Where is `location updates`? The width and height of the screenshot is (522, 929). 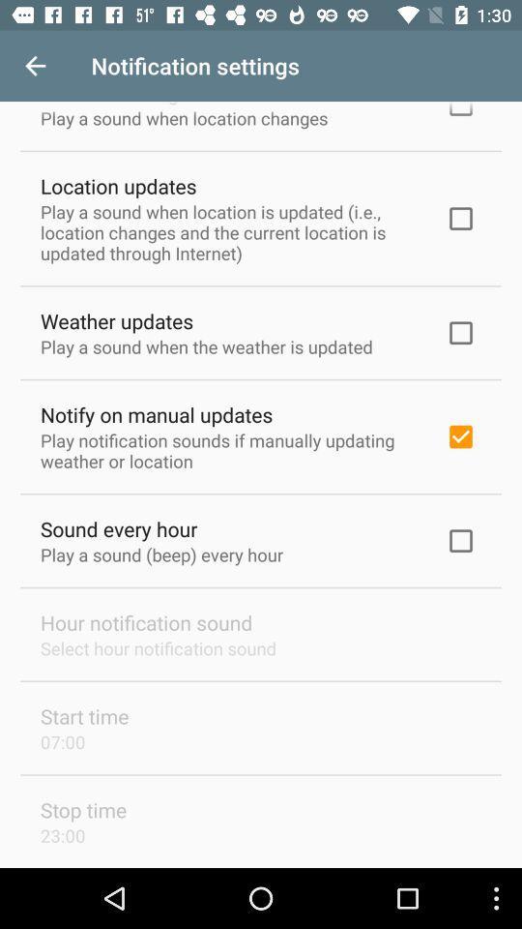
location updates is located at coordinates (118, 186).